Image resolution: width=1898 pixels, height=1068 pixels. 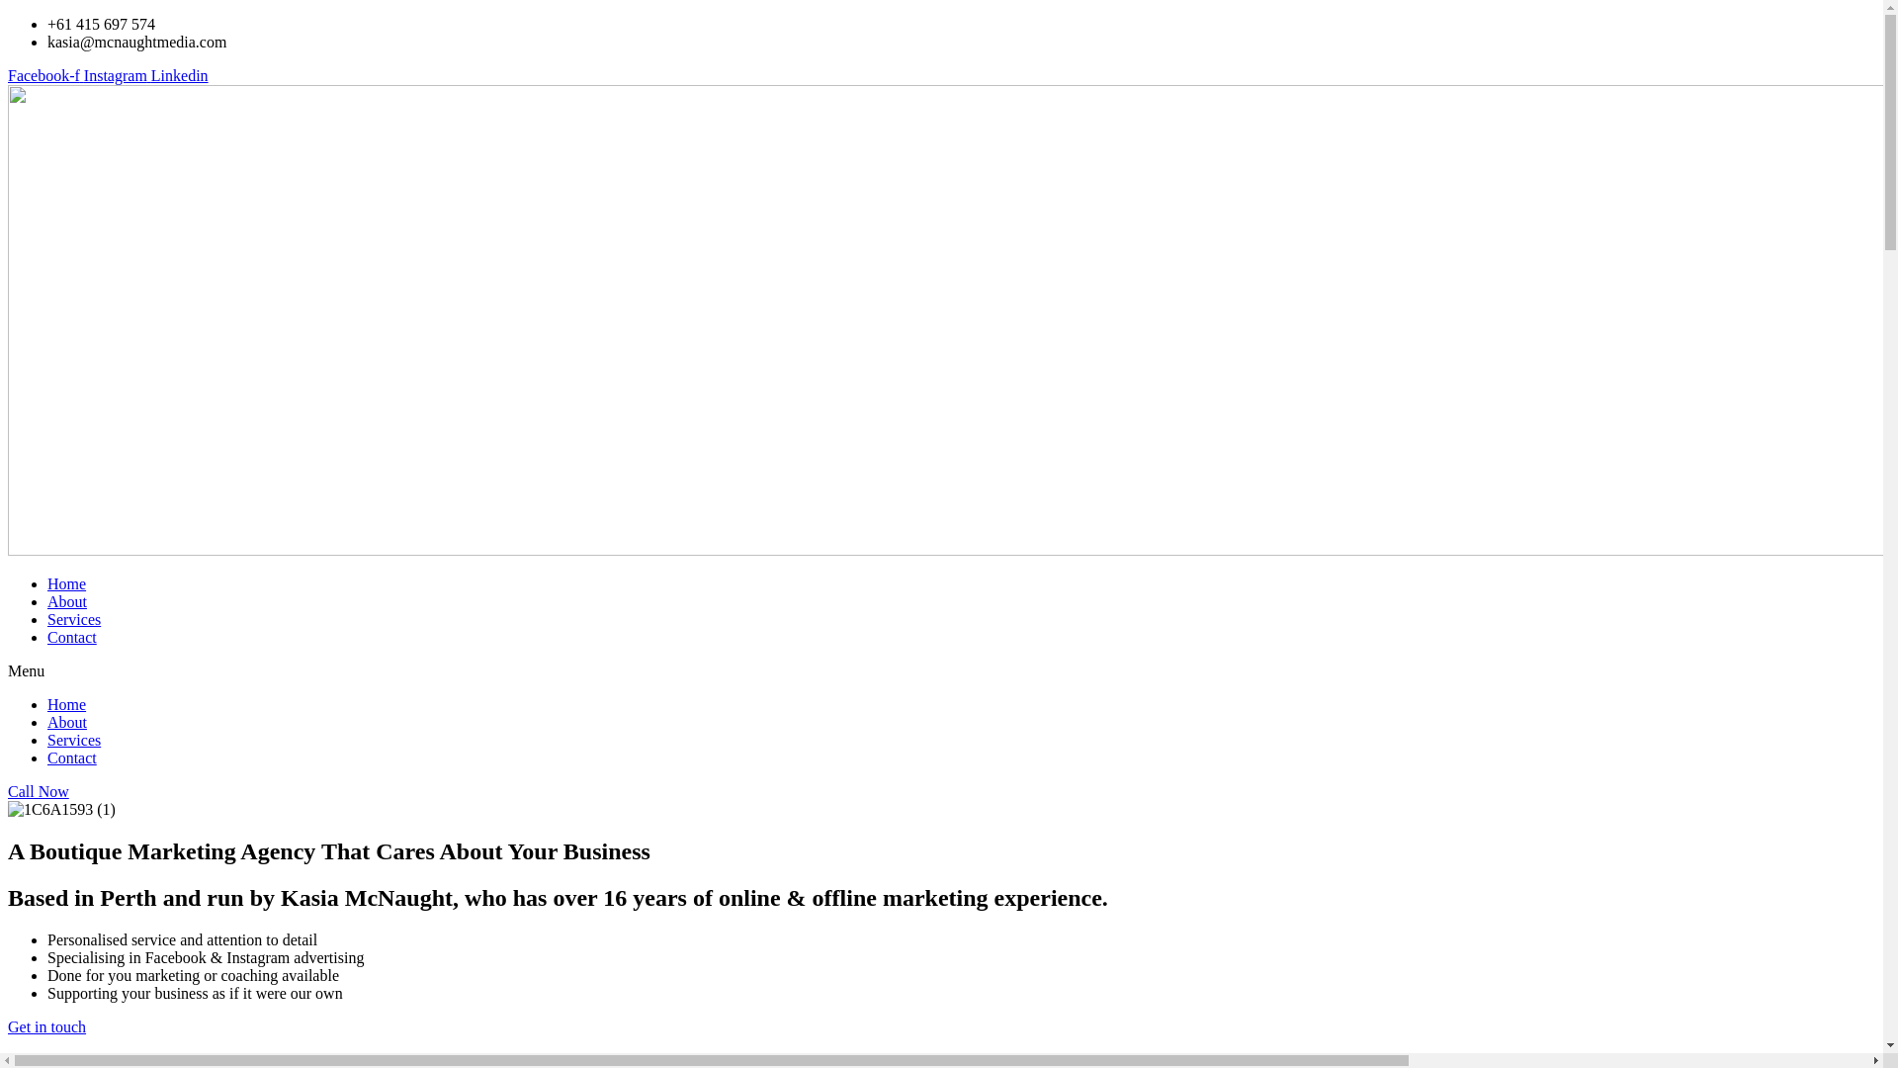 I want to click on 'Linkedin', so click(x=180, y=74).